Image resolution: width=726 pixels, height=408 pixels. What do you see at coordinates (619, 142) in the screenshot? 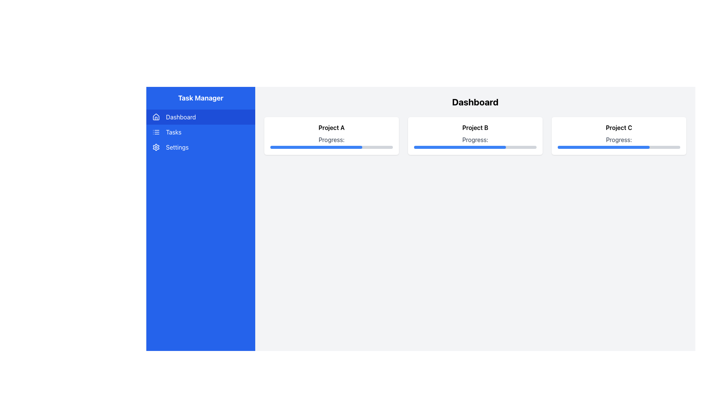
I see `label of the text label displaying 'Progress:' in gray font, located above the progress bar in the 'Project C' dashboard card` at bounding box center [619, 142].